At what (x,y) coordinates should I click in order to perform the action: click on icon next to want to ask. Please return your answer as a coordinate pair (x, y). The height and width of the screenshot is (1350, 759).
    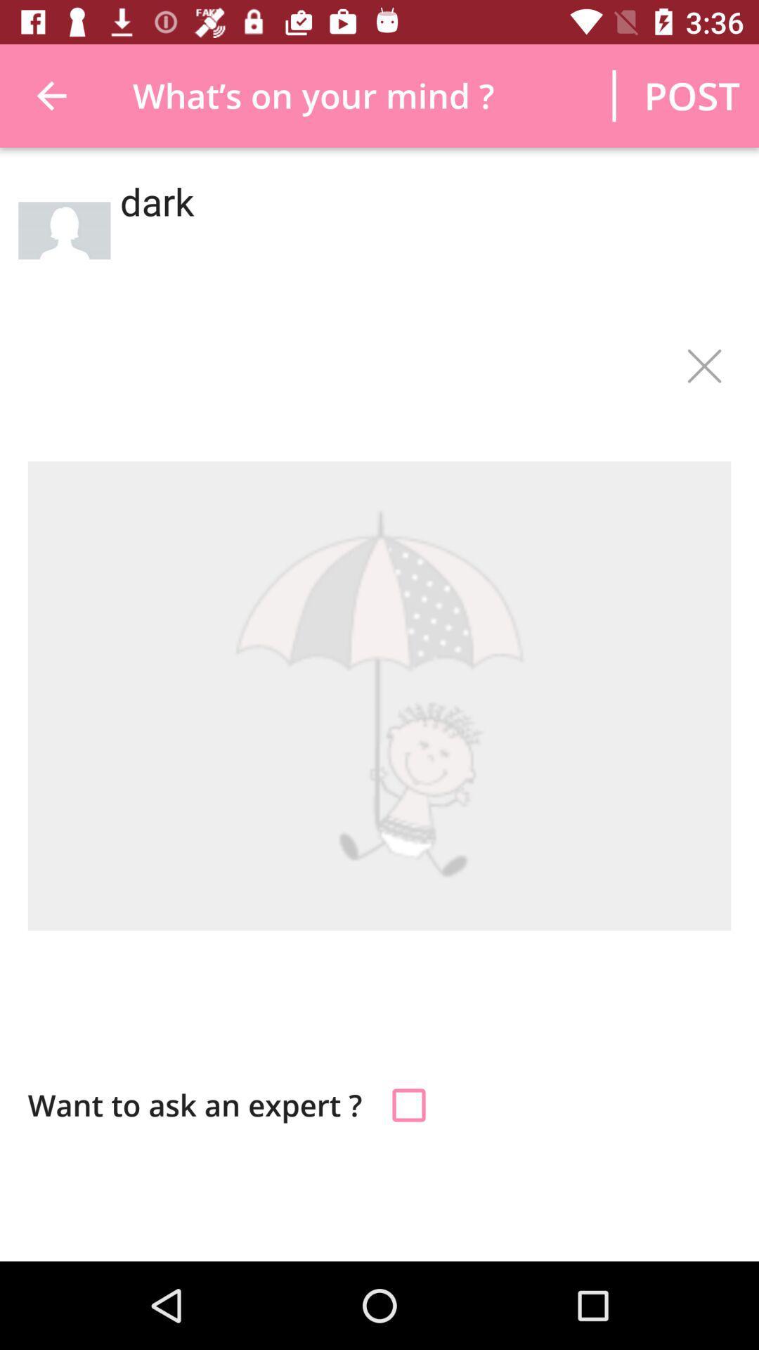
    Looking at the image, I should click on (409, 1104).